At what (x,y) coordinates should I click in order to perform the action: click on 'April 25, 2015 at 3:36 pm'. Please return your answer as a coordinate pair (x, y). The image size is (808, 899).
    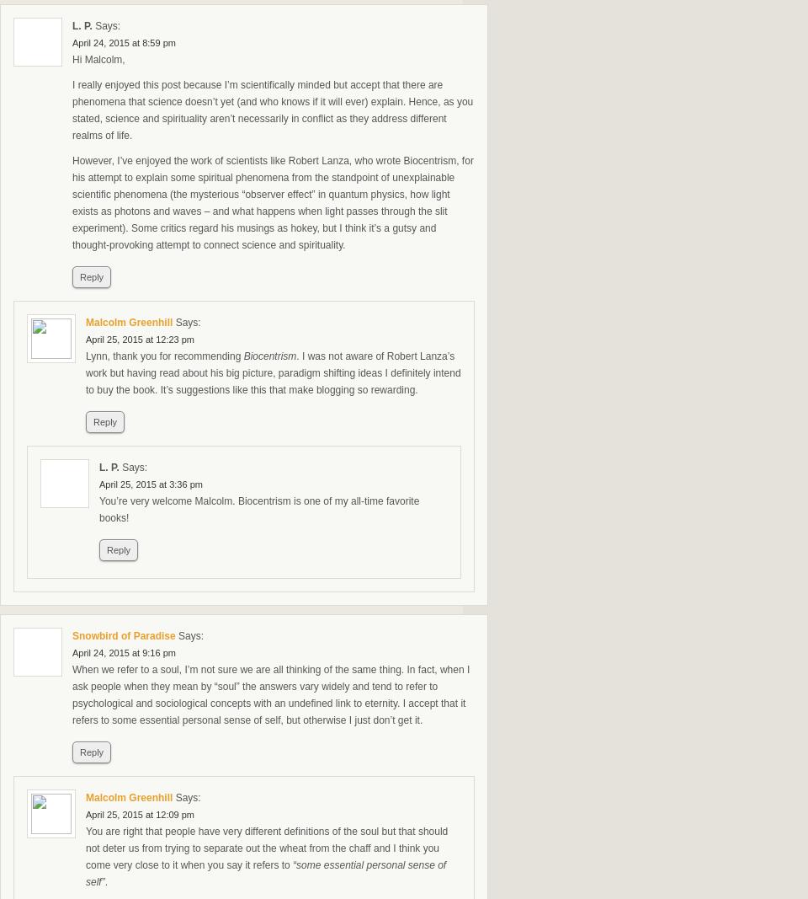
    Looking at the image, I should click on (150, 484).